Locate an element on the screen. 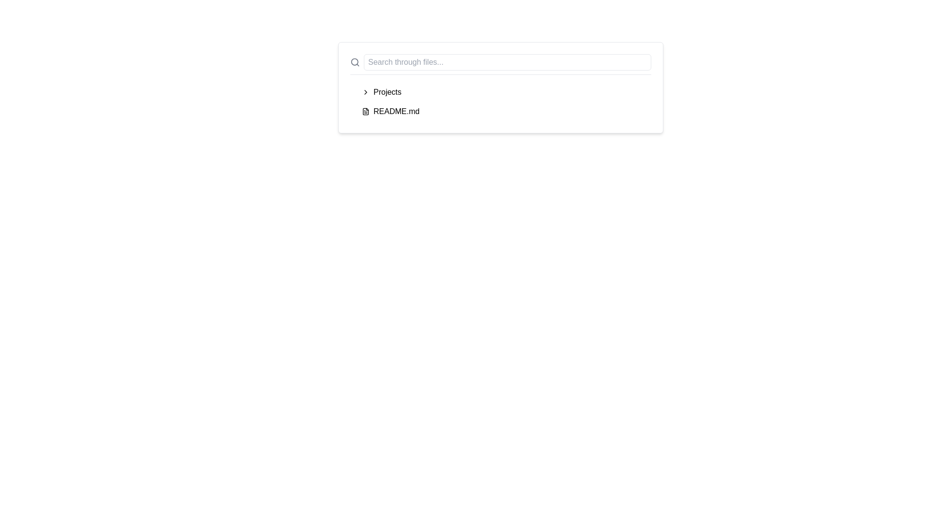  the 'Projects' text label, which is styled as part of a navigational list item and located next to a chevron icon is located at coordinates (387, 92).